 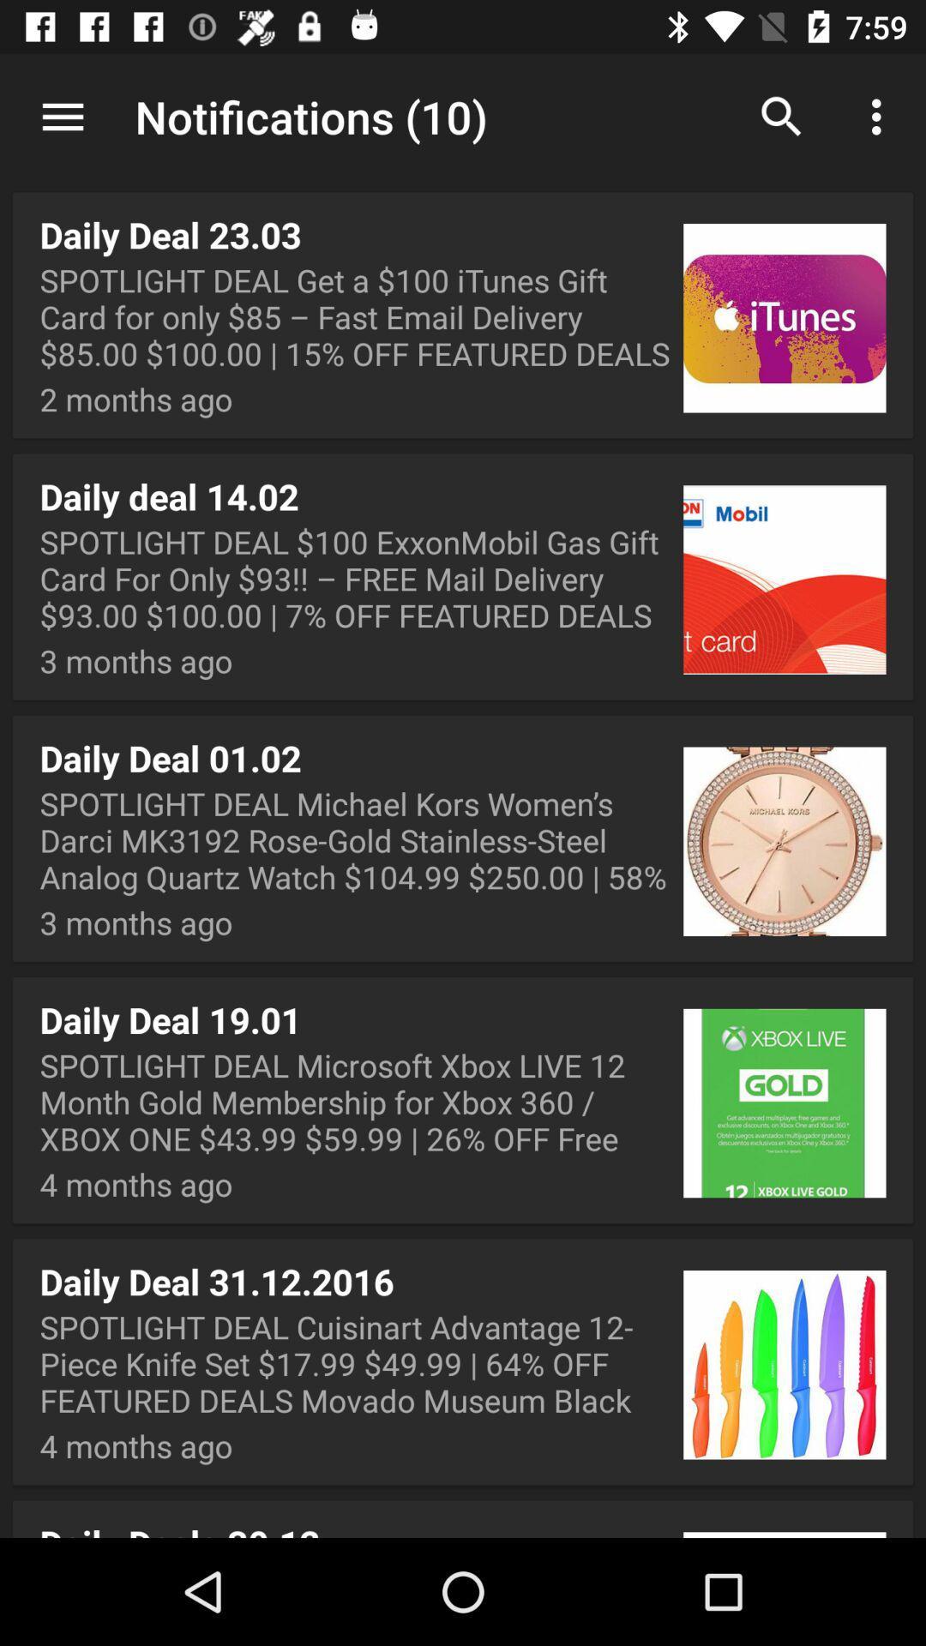 I want to click on the app next to notifications (10) app, so click(x=781, y=116).